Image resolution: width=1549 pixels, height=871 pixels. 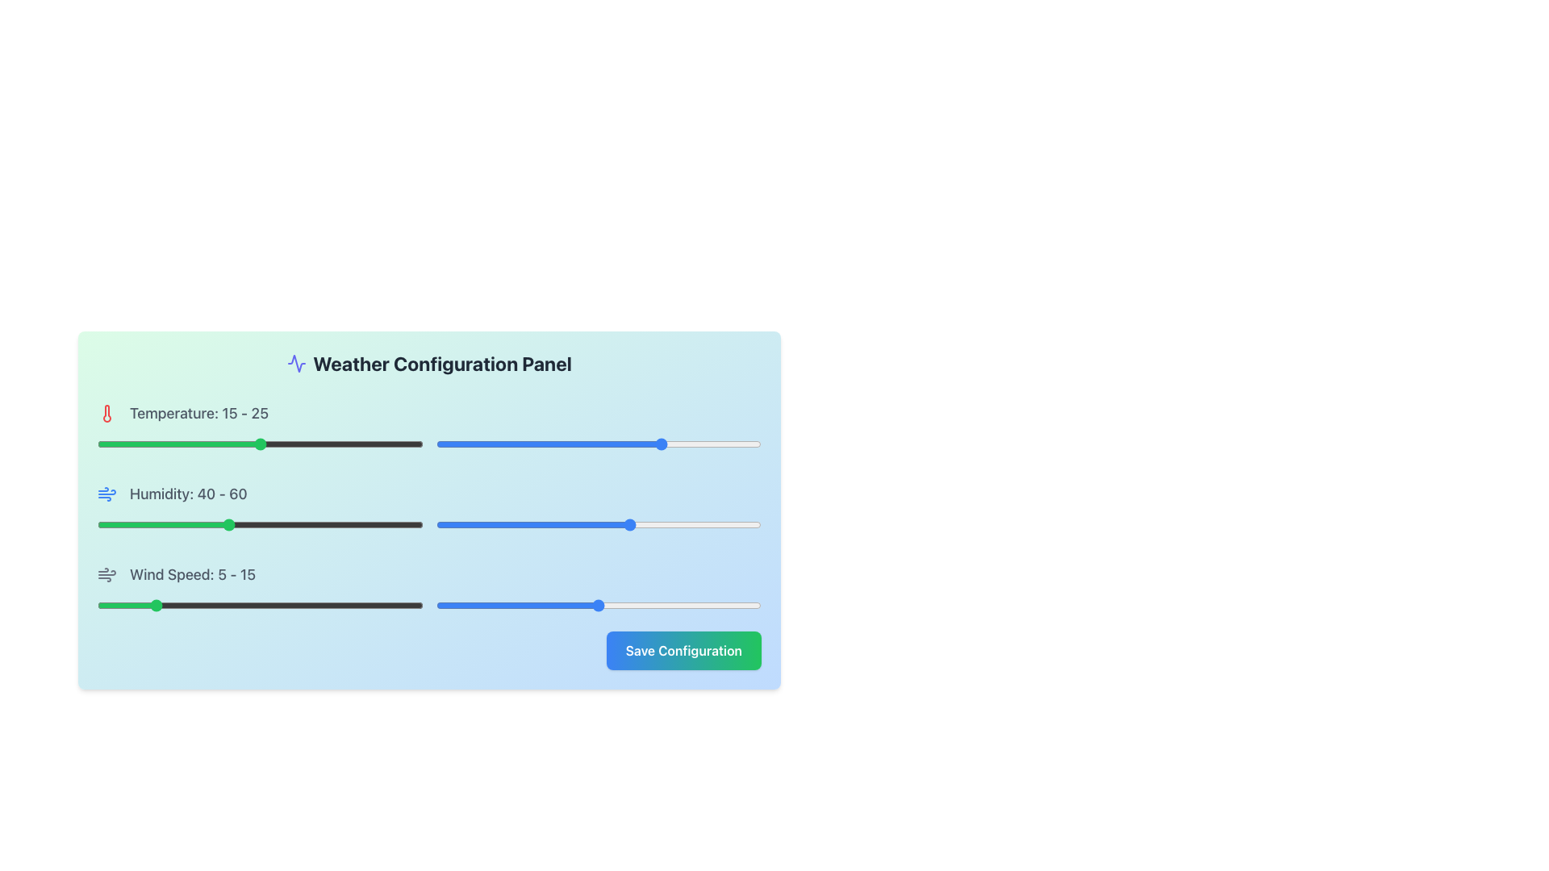 What do you see at coordinates (96, 606) in the screenshot?
I see `the wind speed` at bounding box center [96, 606].